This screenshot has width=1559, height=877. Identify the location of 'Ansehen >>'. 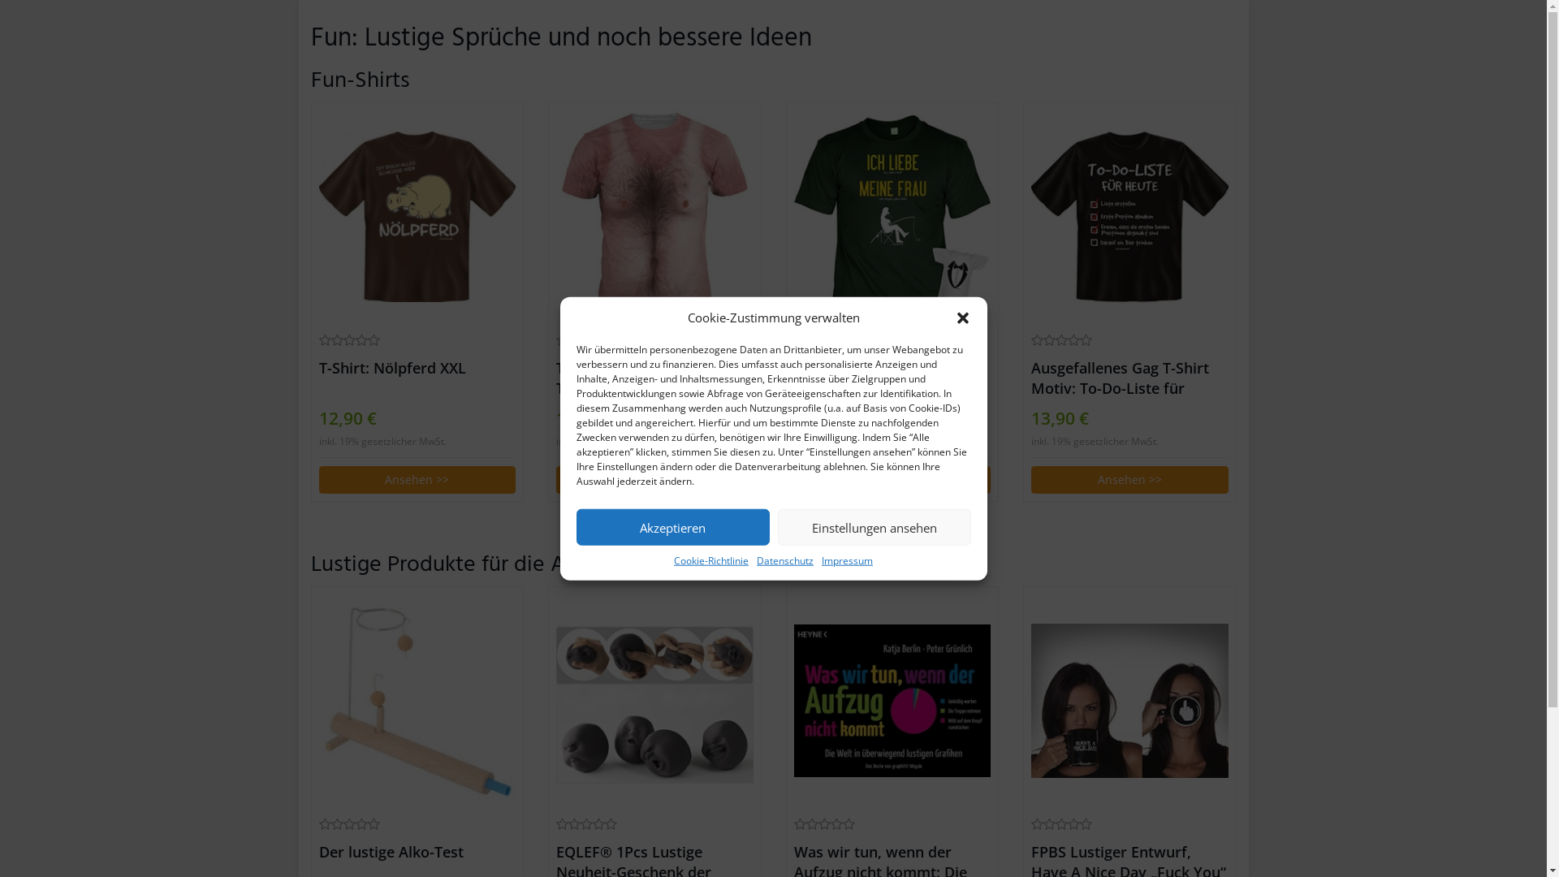
(1030, 478).